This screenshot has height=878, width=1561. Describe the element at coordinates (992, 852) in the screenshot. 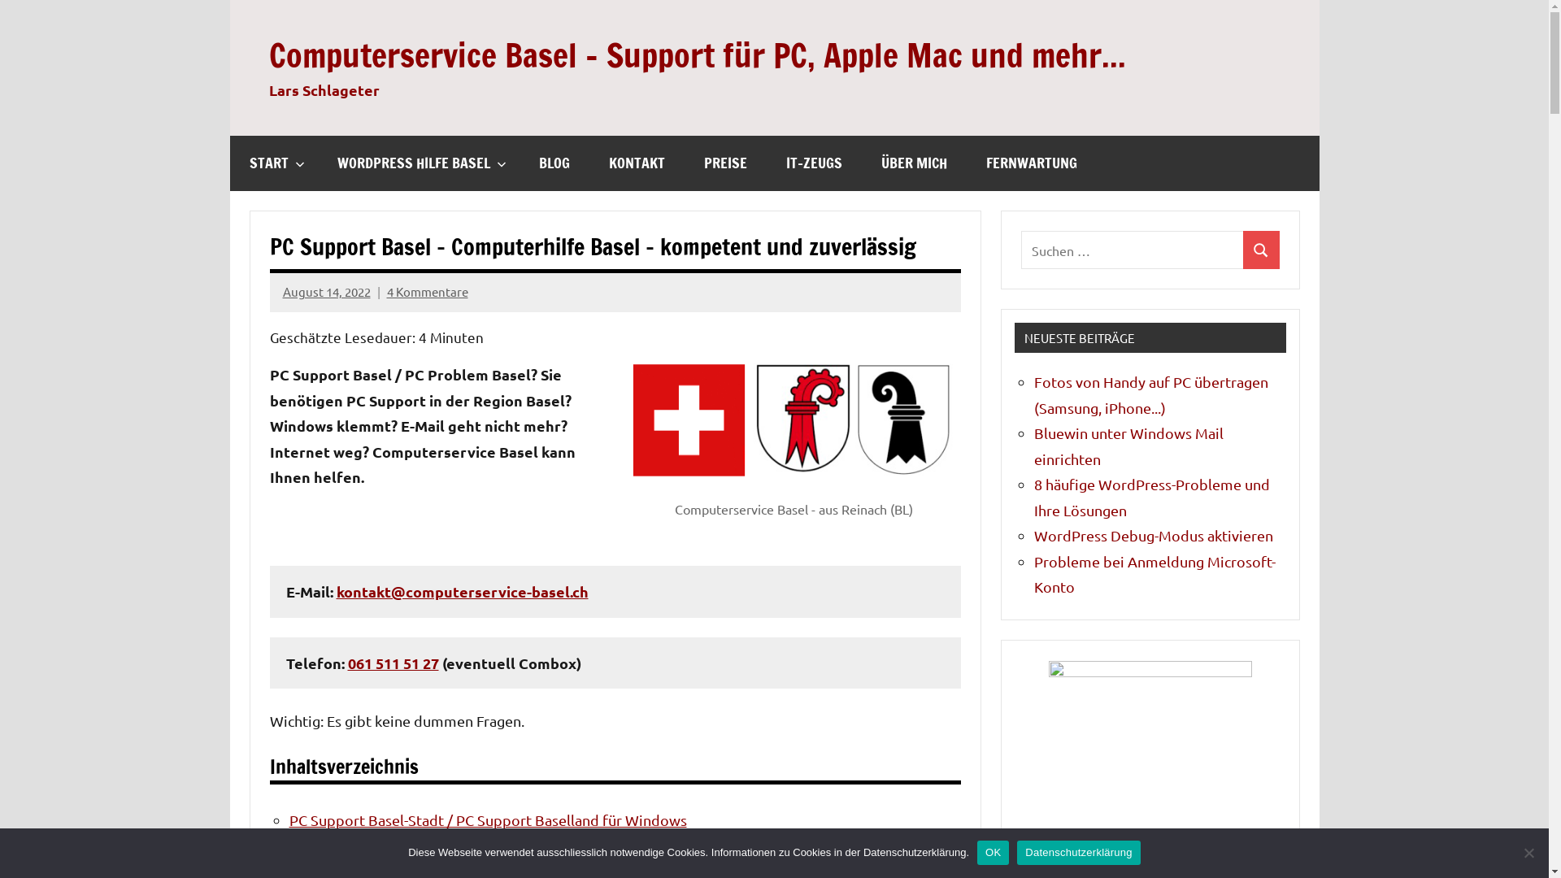

I see `'OK'` at that location.